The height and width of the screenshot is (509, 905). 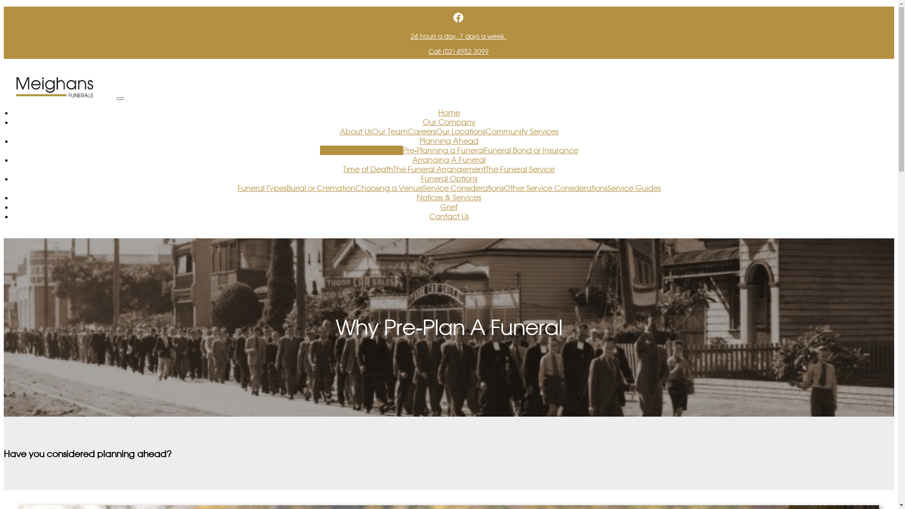 What do you see at coordinates (633, 188) in the screenshot?
I see `'Service Guides'` at bounding box center [633, 188].